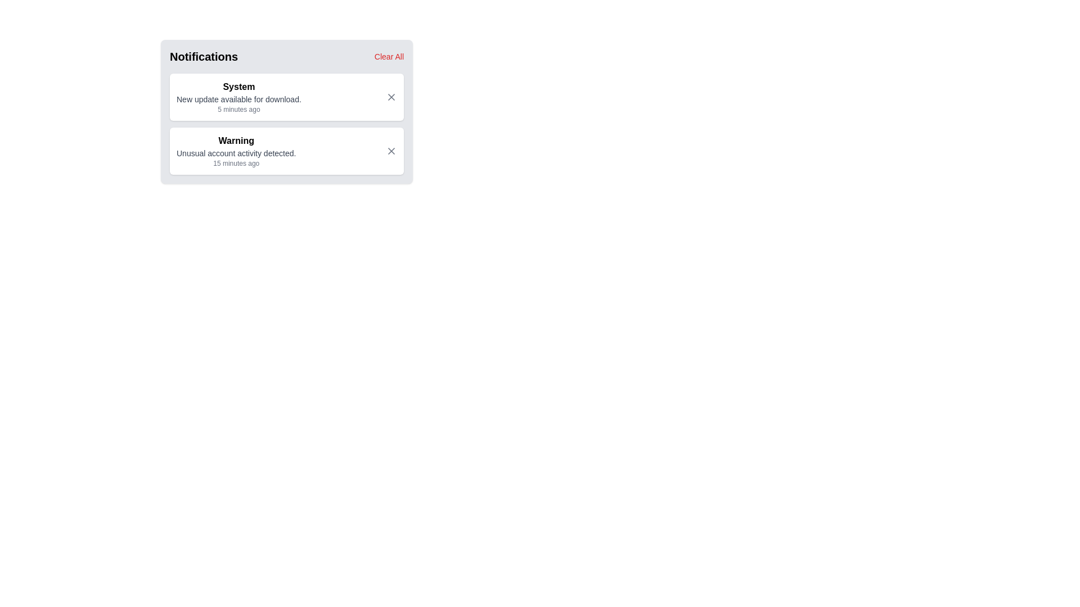 The width and height of the screenshot is (1080, 607). What do you see at coordinates (236, 153) in the screenshot?
I see `the text element that conveys information about unusual account activity detected, which is located beneath the 'Warning' label and above the timestamp text within the notification card` at bounding box center [236, 153].